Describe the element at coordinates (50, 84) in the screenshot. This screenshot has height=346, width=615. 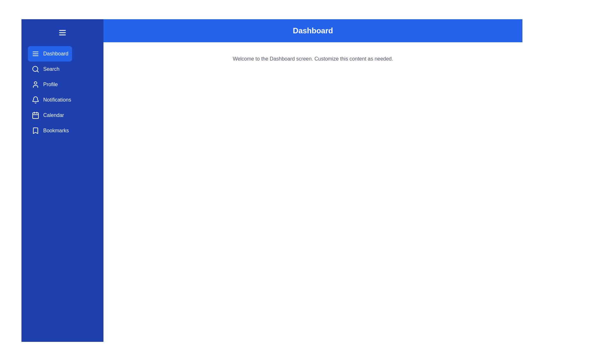
I see `the 'Profile' option displayed in white font on the blue button with rounded corners` at that location.